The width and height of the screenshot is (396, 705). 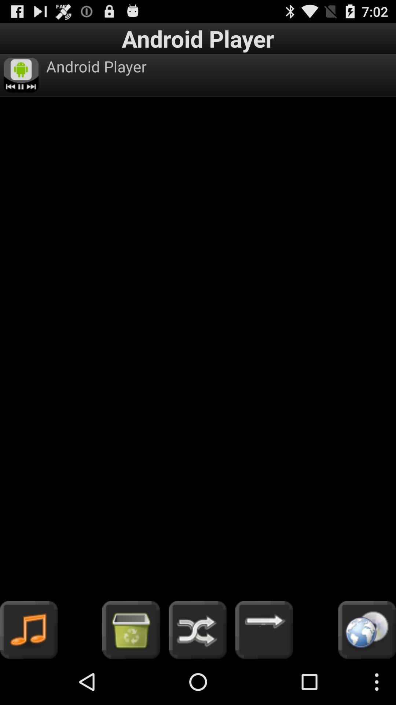 I want to click on the arrow_forward icon, so click(x=264, y=674).